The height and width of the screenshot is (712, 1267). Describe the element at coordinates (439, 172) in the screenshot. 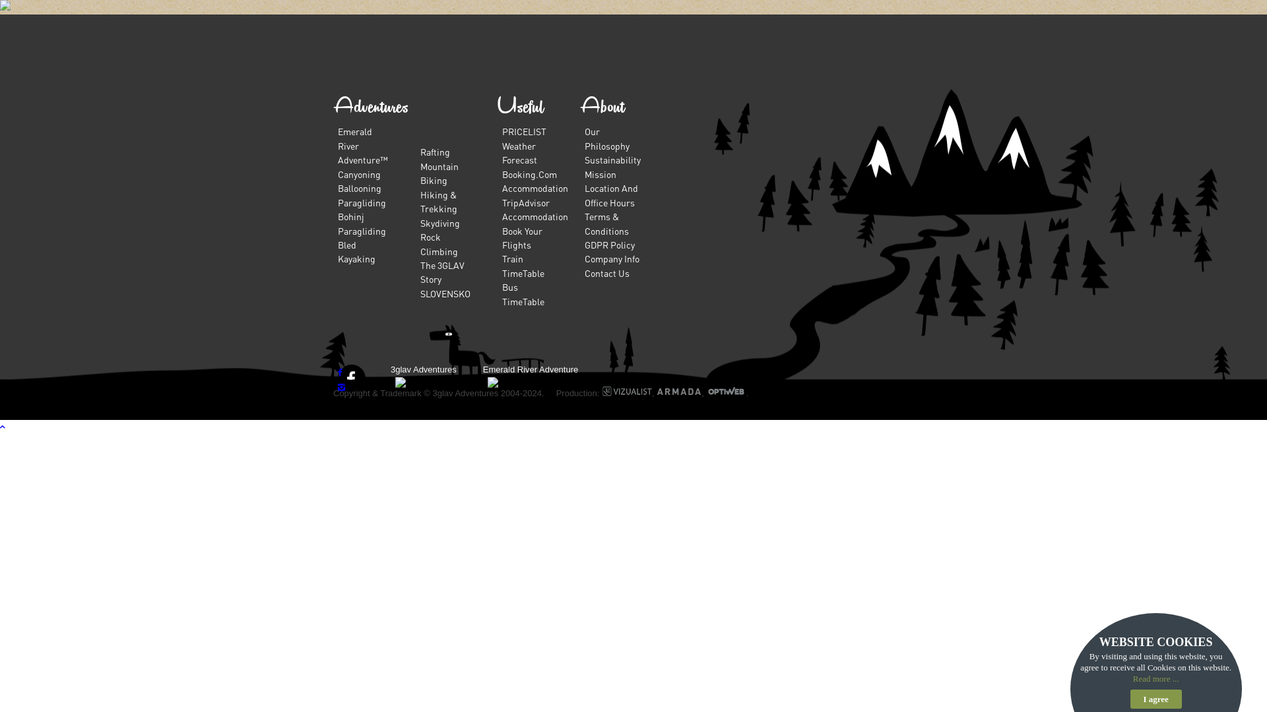

I see `'Mountain Biking'` at that location.